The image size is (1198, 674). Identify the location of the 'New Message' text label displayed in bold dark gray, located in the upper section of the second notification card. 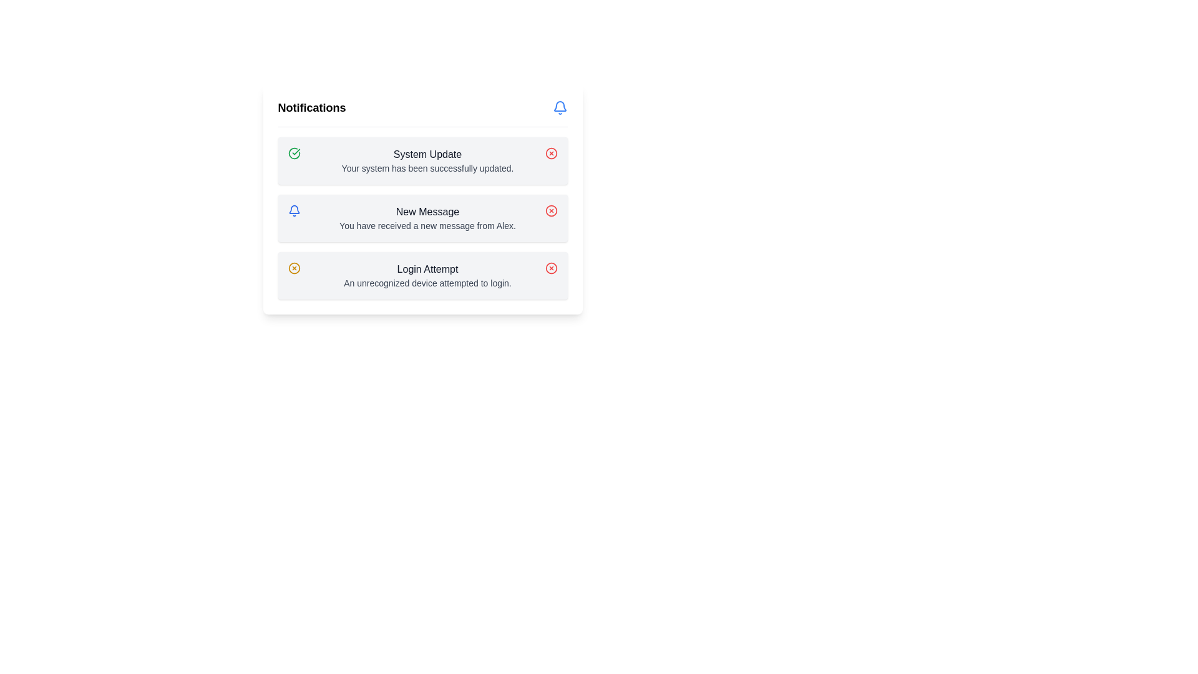
(427, 211).